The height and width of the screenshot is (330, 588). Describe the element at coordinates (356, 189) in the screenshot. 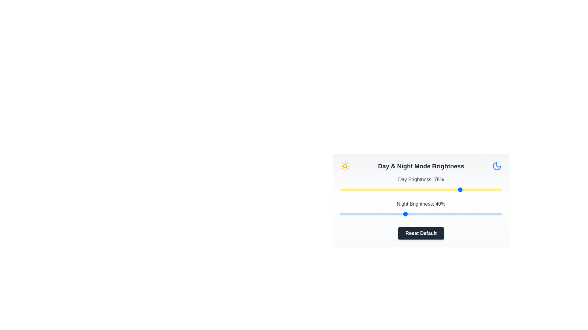

I see `the day brightness slider to 10%` at that location.